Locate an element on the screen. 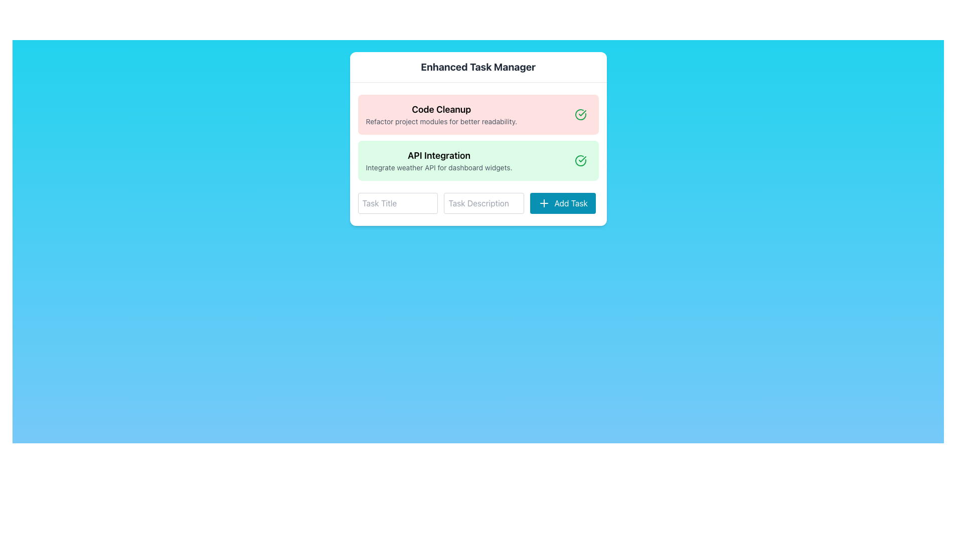 Image resolution: width=963 pixels, height=541 pixels. the completed status icon for the 'API Integration' task, which is located to the right of the task text inside the green-highlighted section is located at coordinates (580, 114).